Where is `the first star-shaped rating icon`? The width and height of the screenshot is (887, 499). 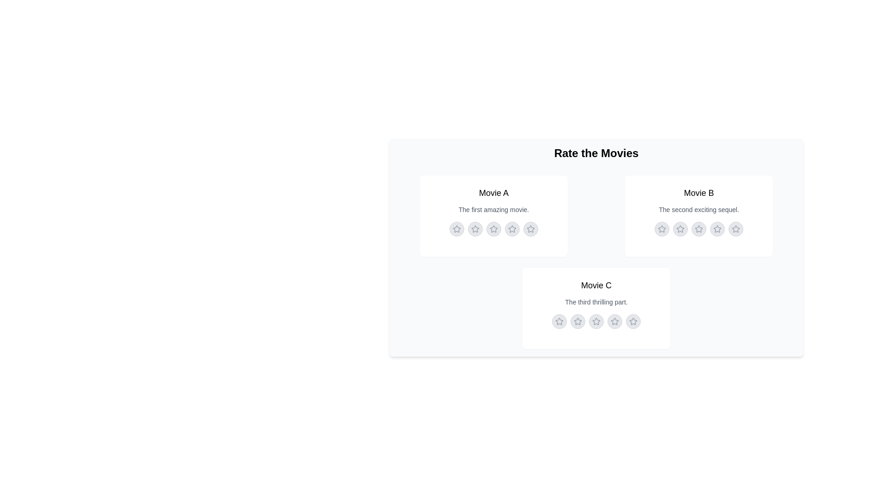
the first star-shaped rating icon is located at coordinates (456, 229).